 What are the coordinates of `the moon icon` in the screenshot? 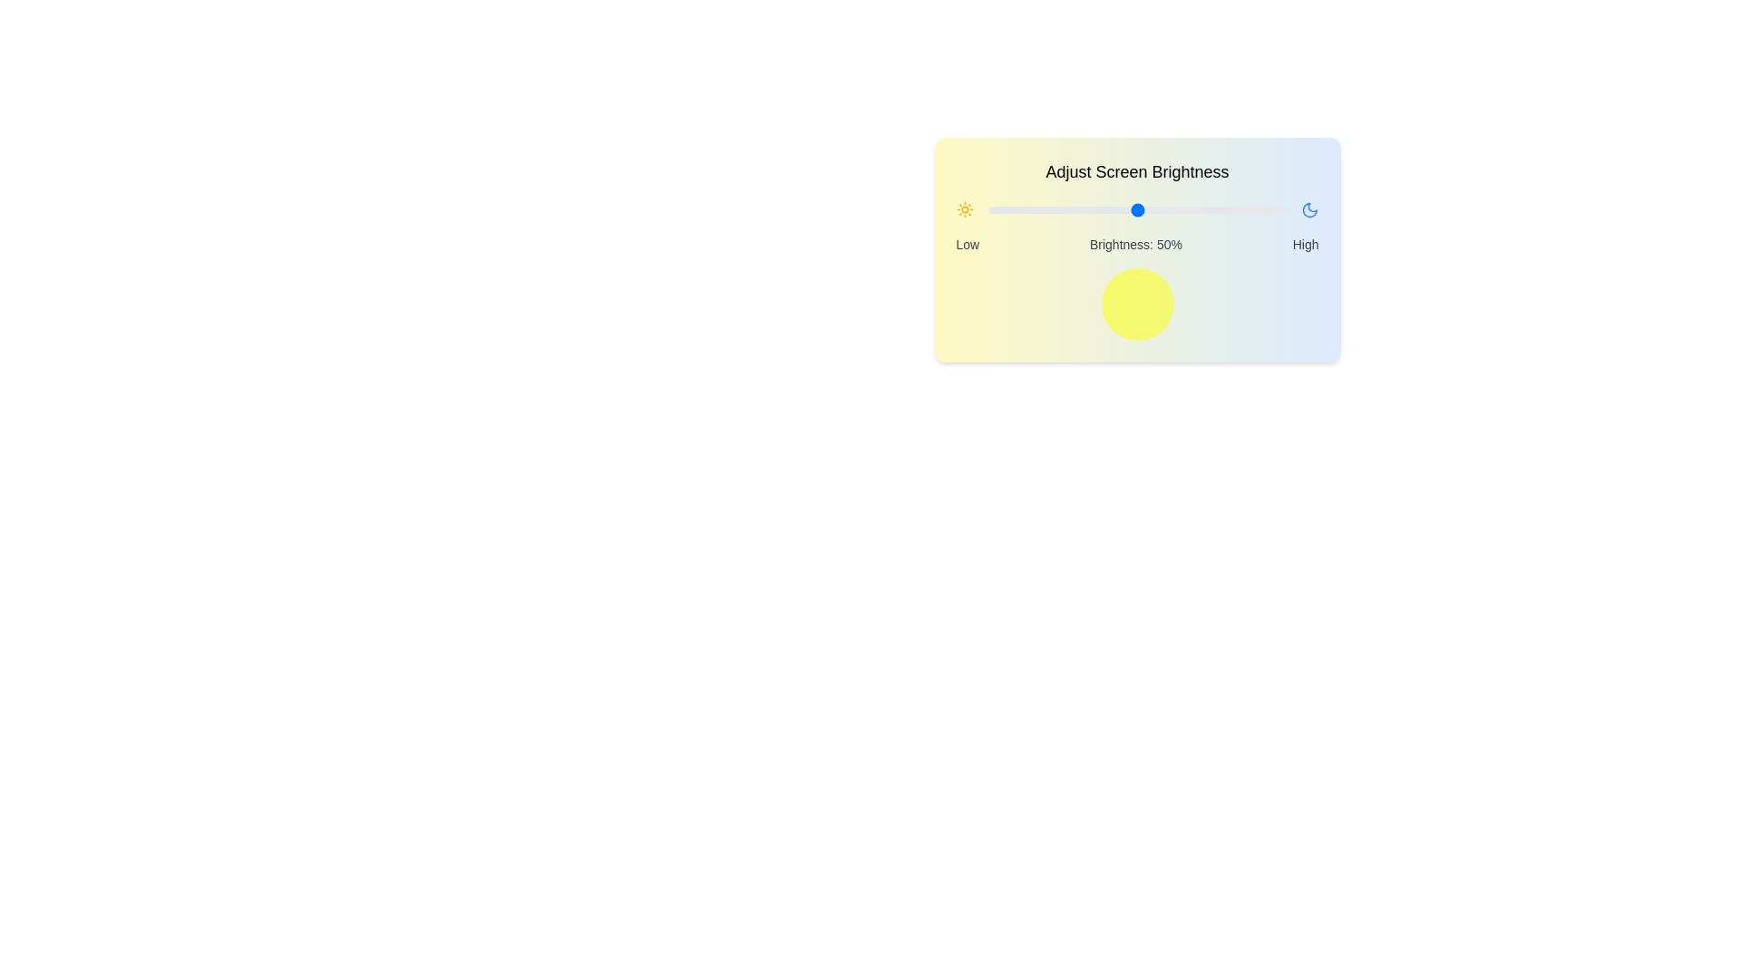 It's located at (1309, 208).